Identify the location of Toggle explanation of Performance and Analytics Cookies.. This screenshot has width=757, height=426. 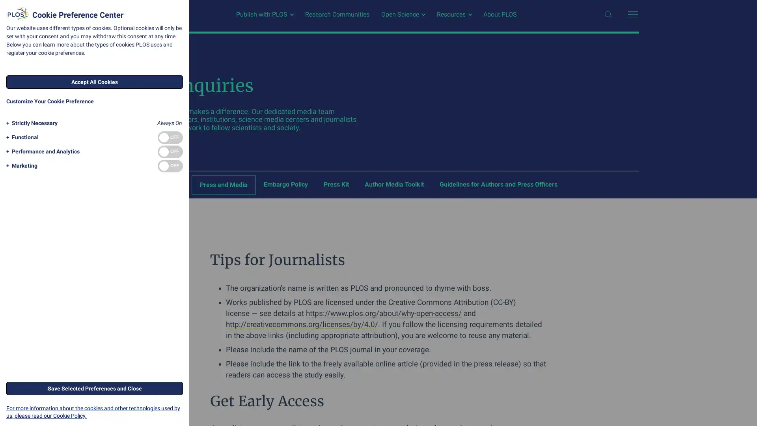
(41, 151).